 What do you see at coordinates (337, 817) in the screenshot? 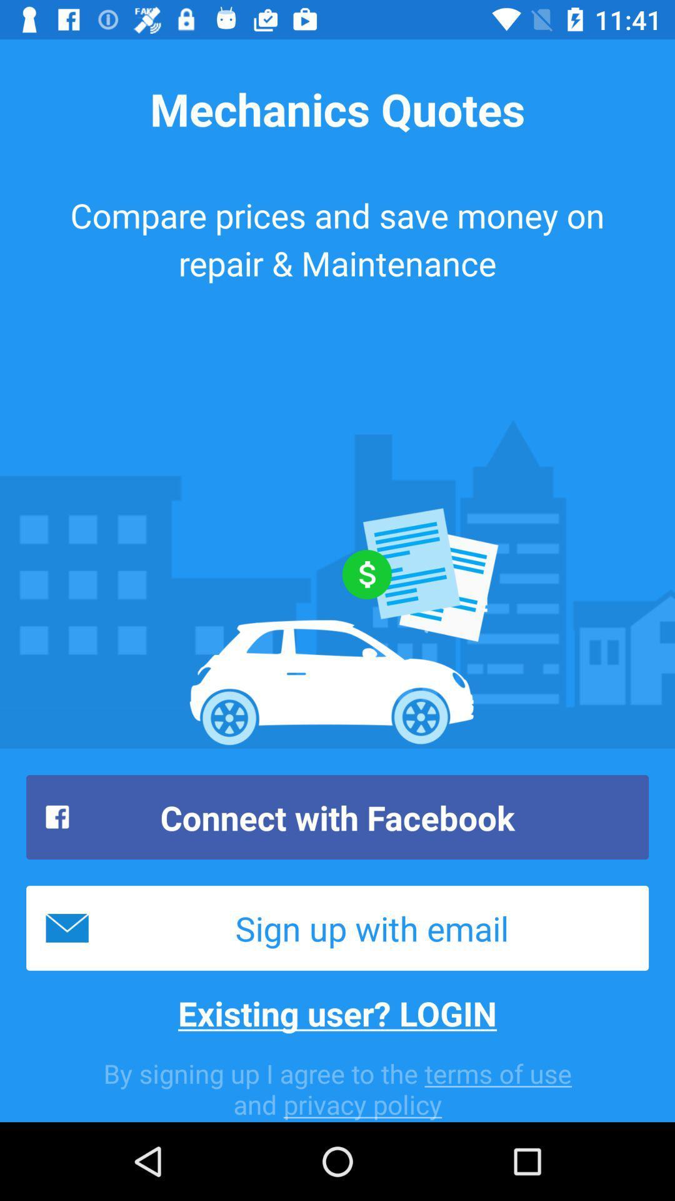
I see `connect with facebook` at bounding box center [337, 817].